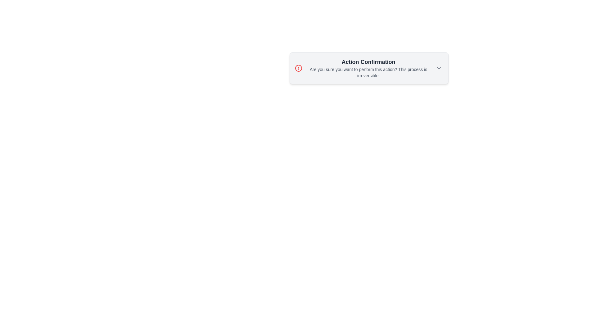 This screenshot has width=596, height=335. What do you see at coordinates (368, 72) in the screenshot?
I see `the static text that provides critical information about the irreversible nature of the action under the 'Action Confirmation' heading` at bounding box center [368, 72].